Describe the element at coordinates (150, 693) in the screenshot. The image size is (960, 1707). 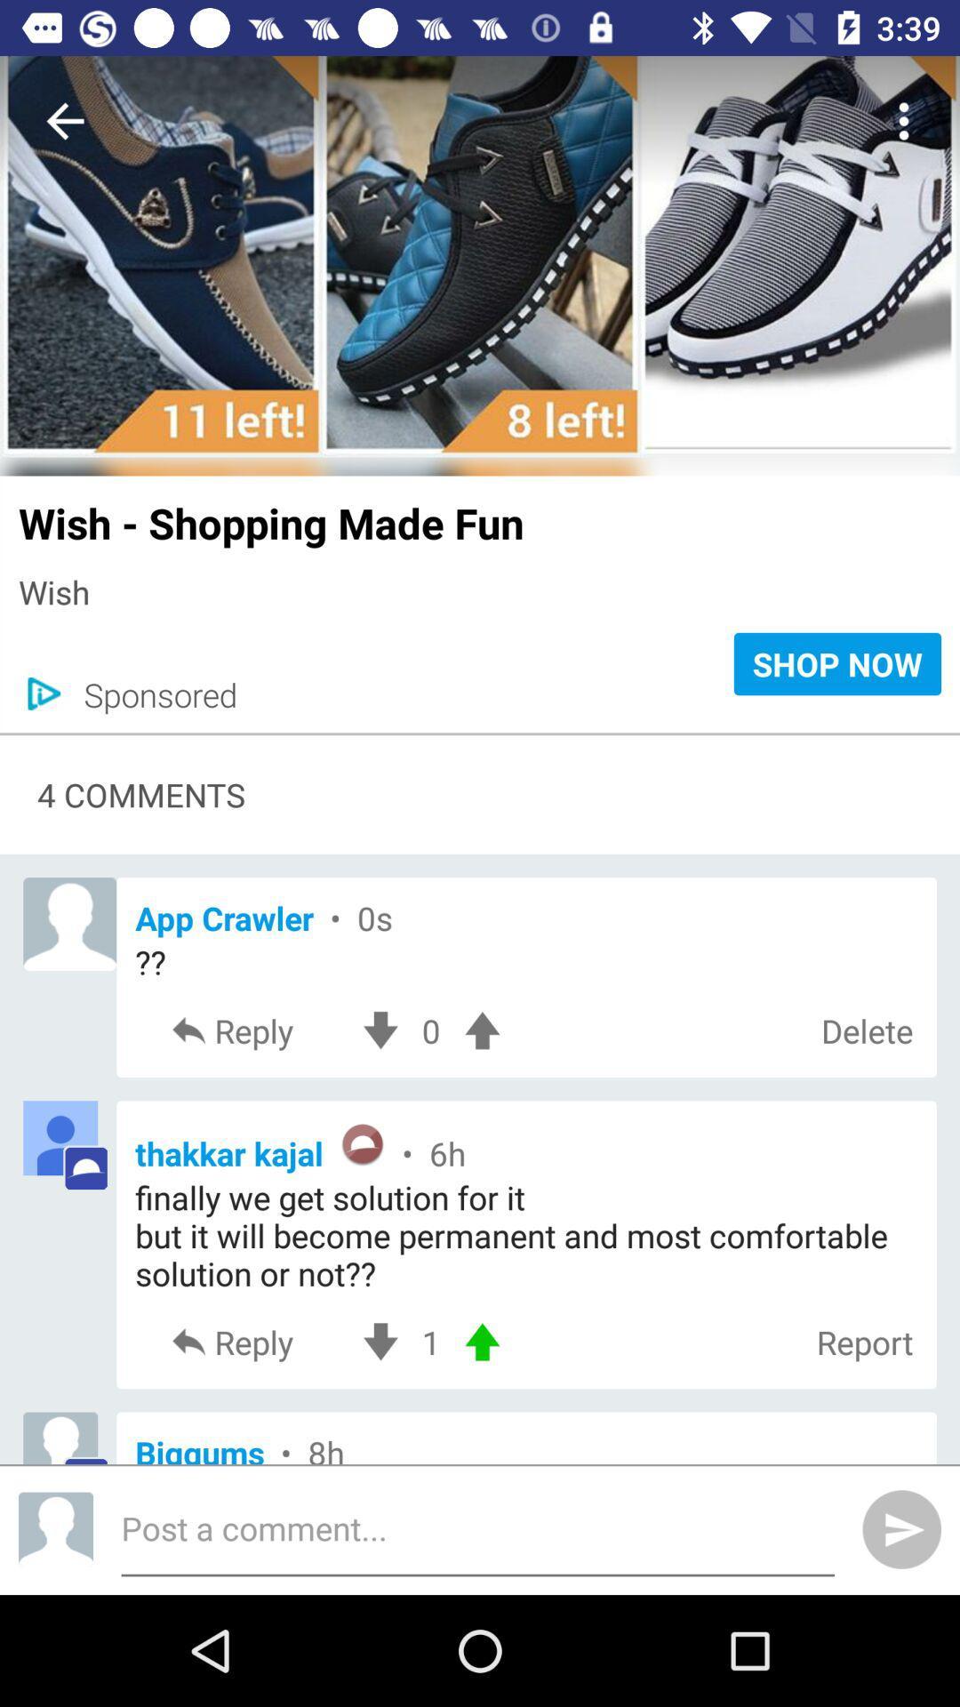
I see `the item to the left of the shop now item` at that location.